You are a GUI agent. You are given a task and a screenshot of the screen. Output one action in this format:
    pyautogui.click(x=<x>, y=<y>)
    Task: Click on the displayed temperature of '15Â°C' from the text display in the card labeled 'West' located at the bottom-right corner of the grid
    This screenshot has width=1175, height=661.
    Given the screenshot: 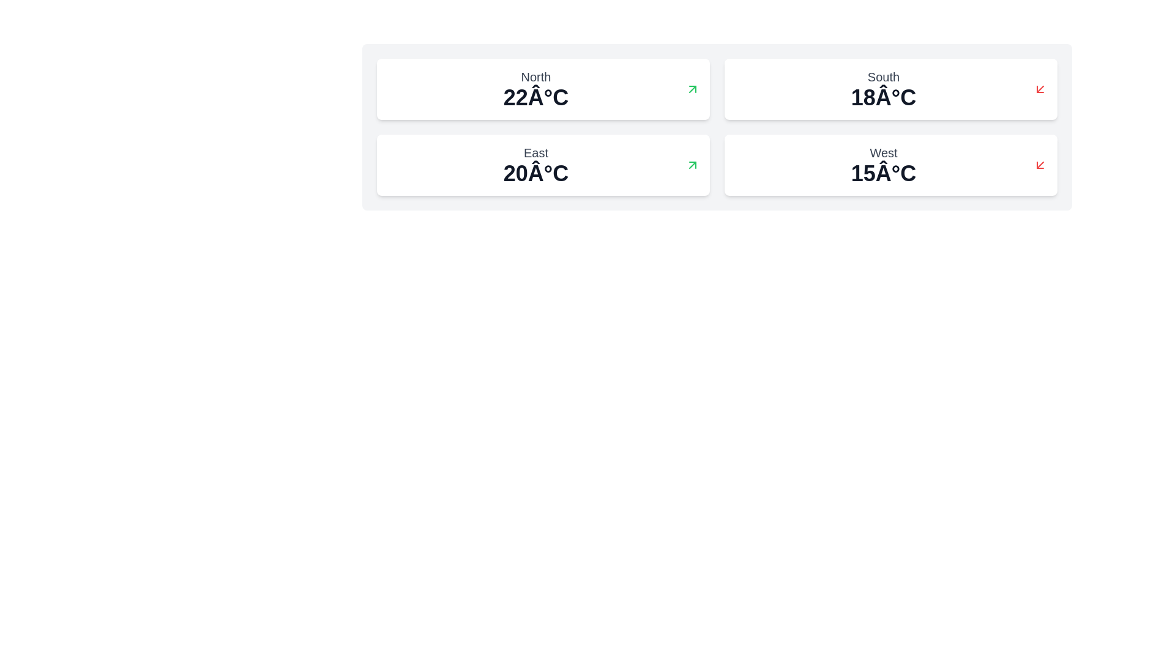 What is the action you would take?
    pyautogui.click(x=884, y=174)
    